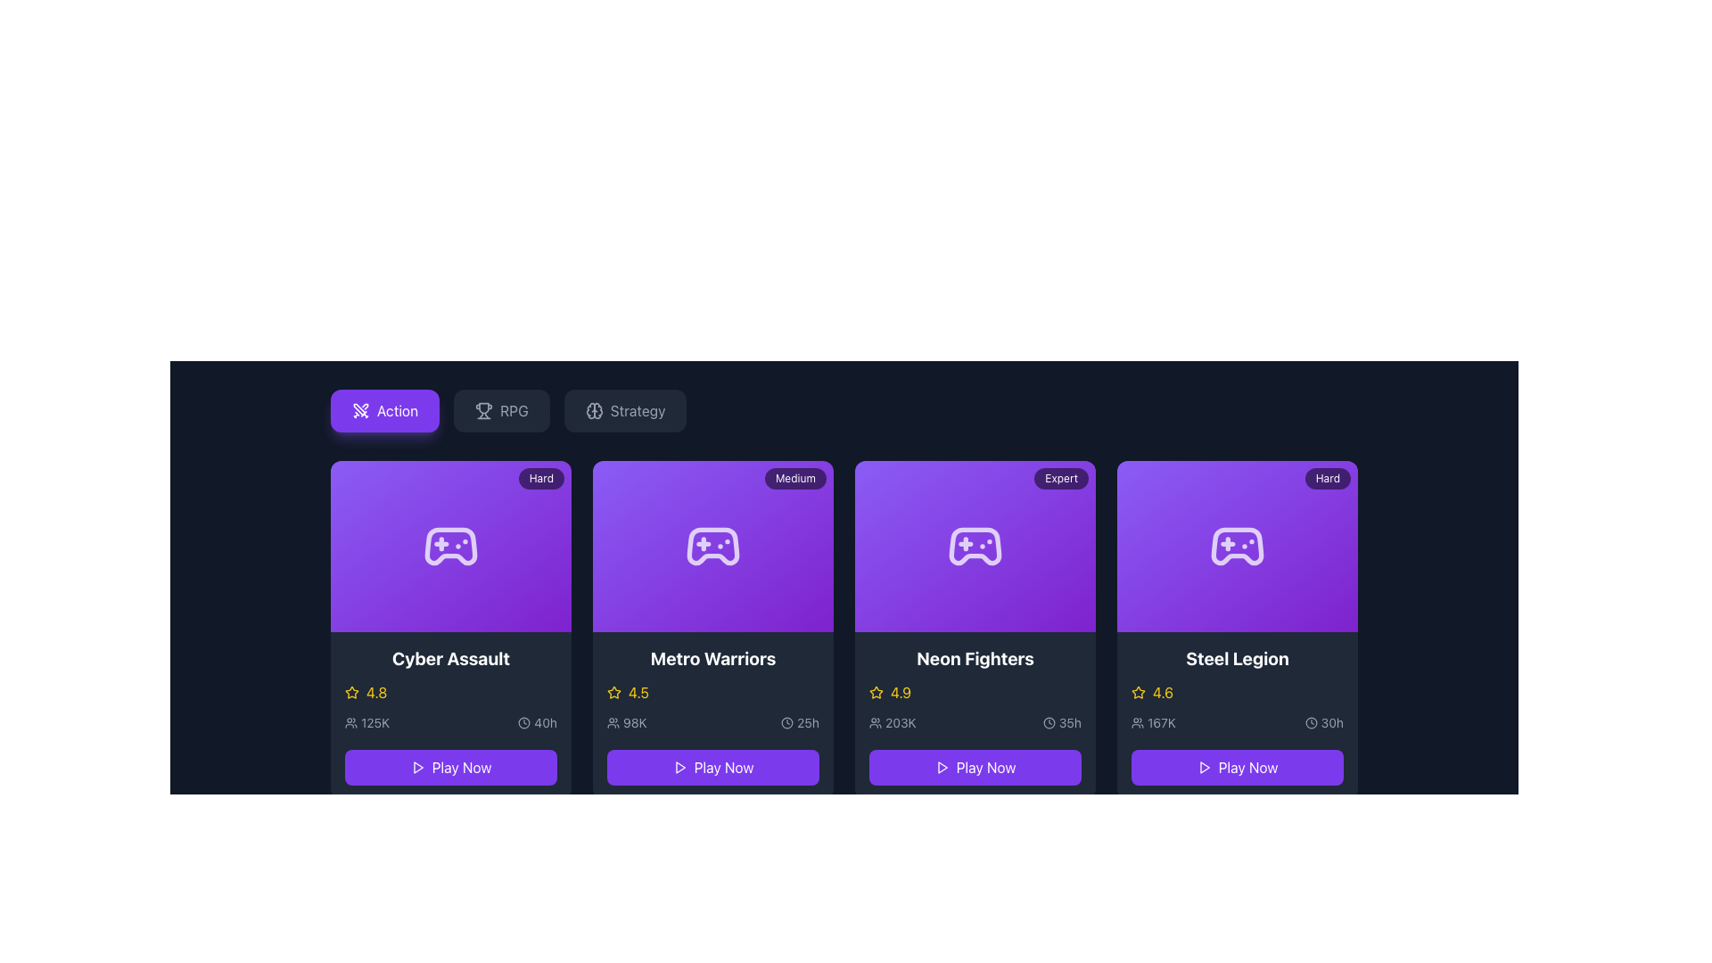  What do you see at coordinates (613, 722) in the screenshot?
I see `the user count icon located to the immediate left of the text '98K' in the second card from the left` at bounding box center [613, 722].